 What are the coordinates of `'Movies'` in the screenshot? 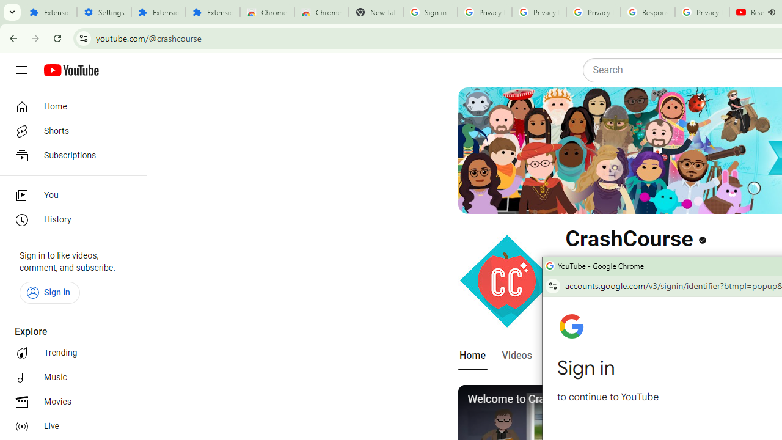 It's located at (68, 402).